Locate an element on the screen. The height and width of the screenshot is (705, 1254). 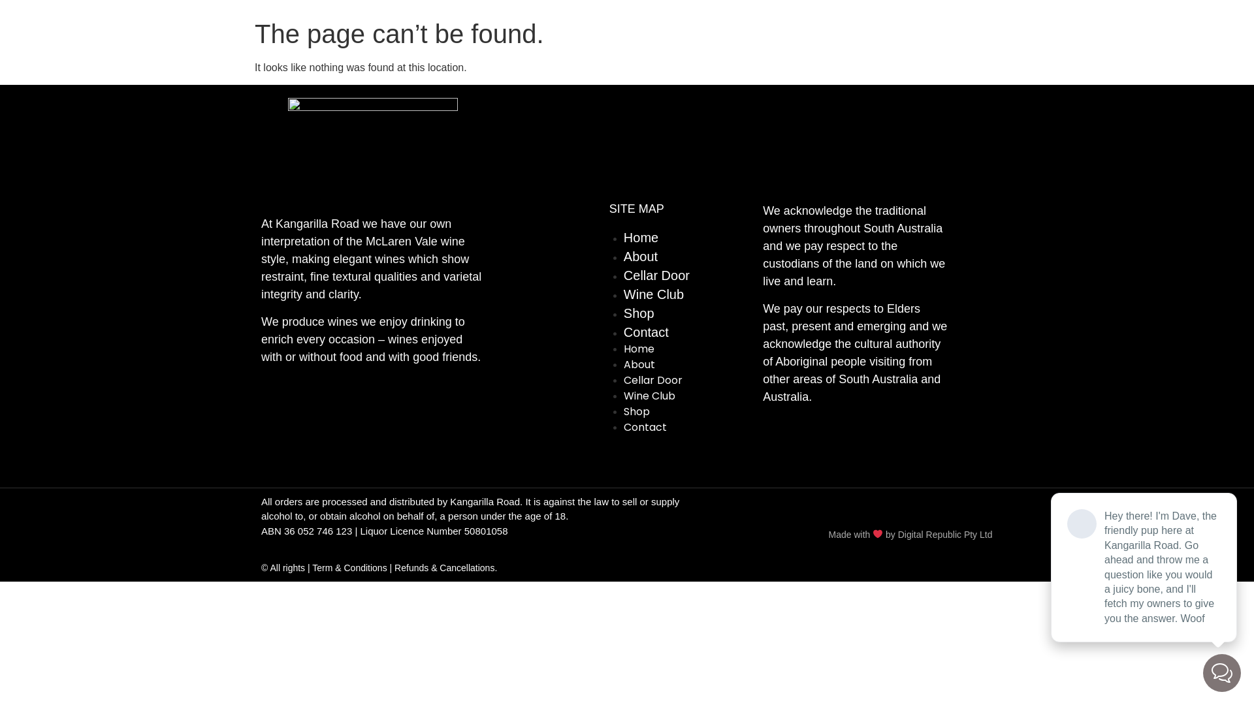
'Cellar Door' is located at coordinates (656, 274).